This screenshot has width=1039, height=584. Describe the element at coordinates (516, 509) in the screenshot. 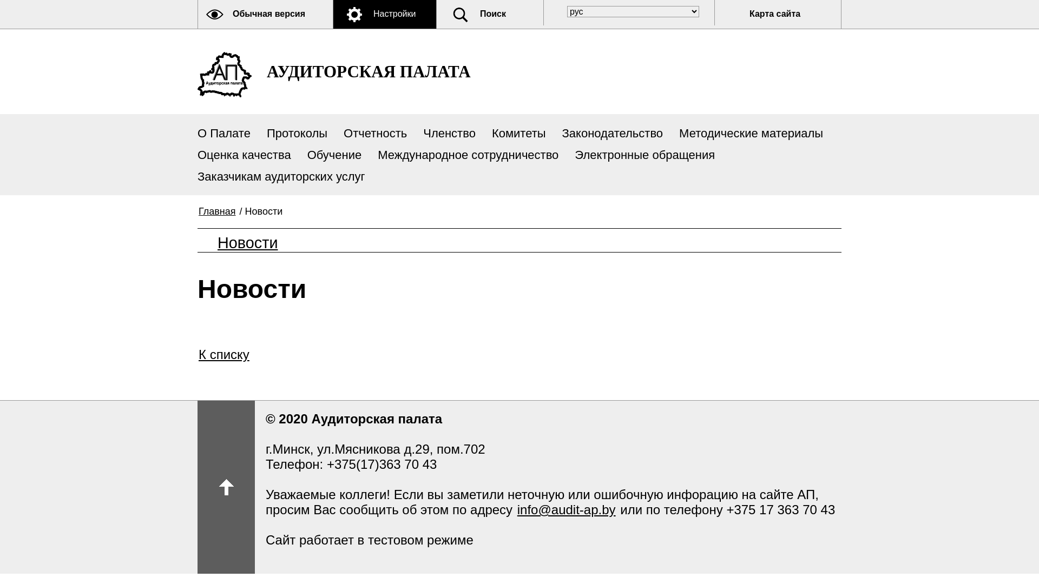

I see `'info@audit-ap.by'` at that location.